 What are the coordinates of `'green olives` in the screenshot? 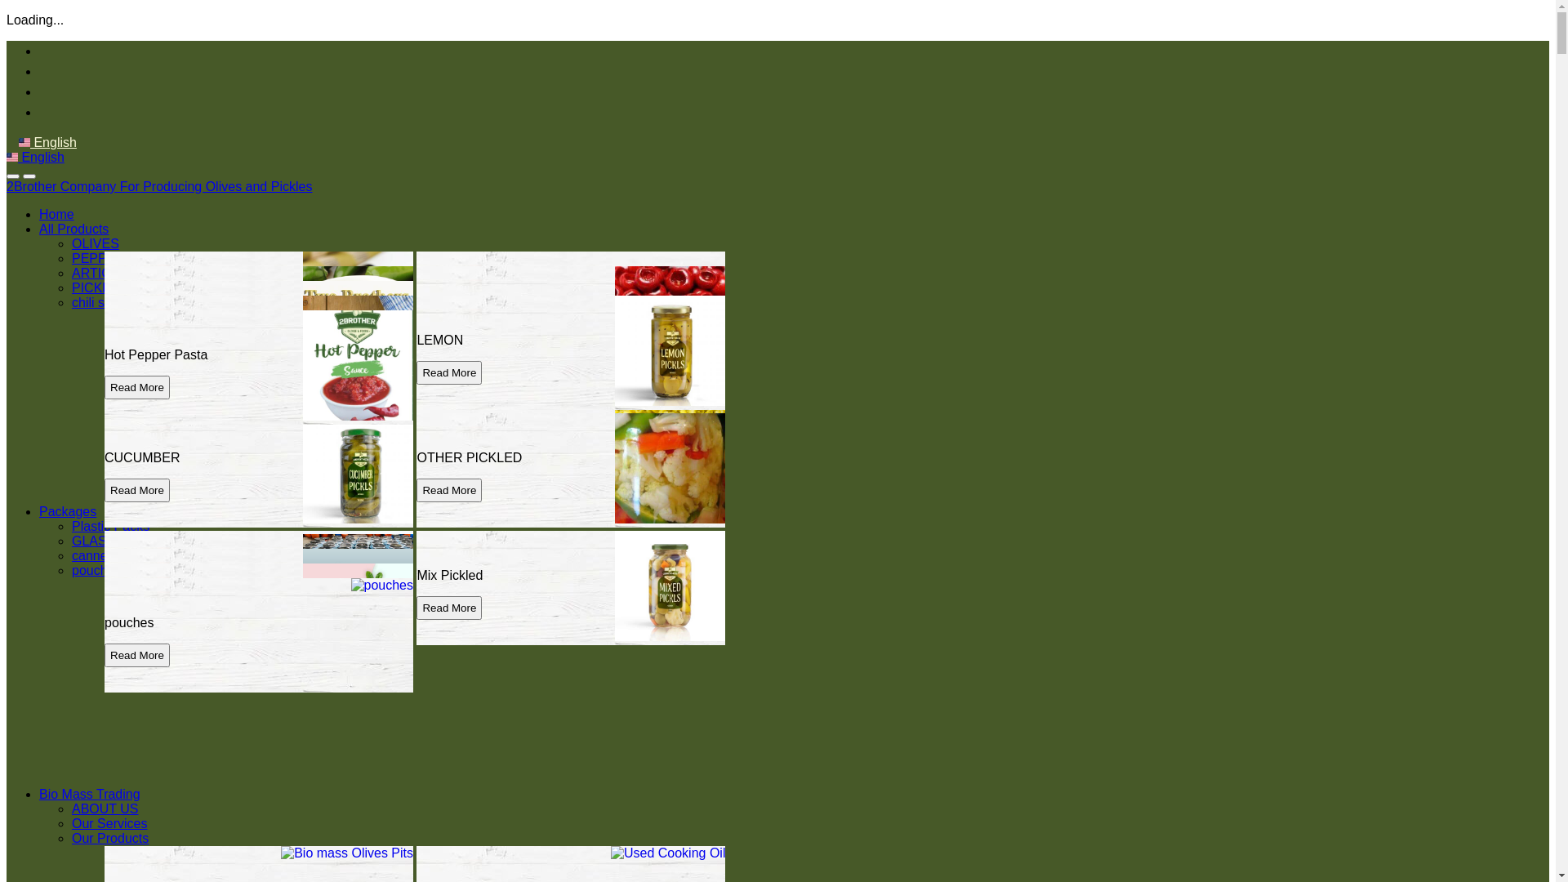 It's located at (416, 425).